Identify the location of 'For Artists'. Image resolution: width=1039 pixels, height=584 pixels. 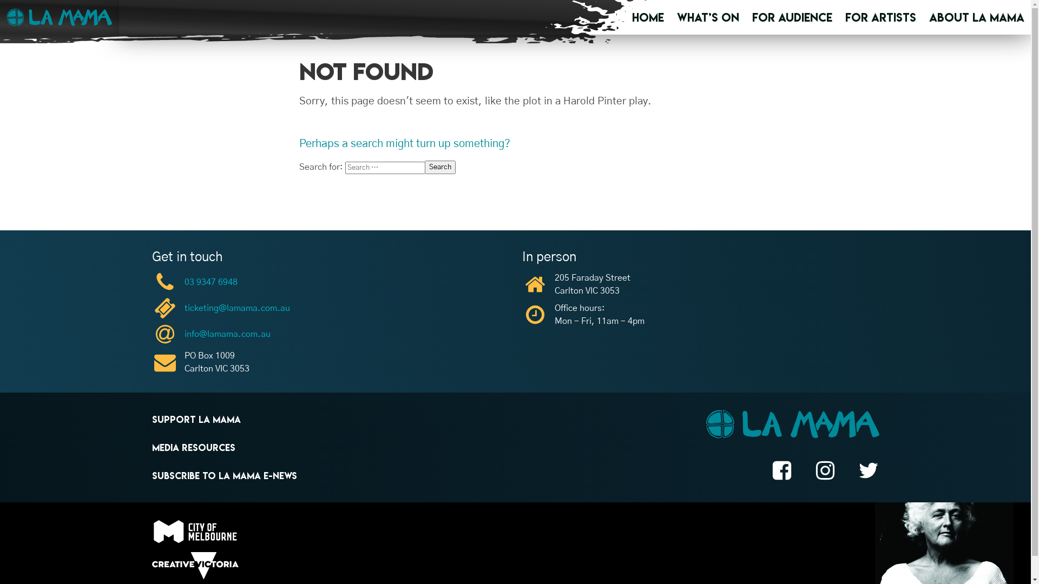
(880, 17).